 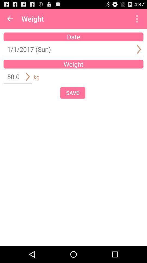 What do you see at coordinates (137, 19) in the screenshot?
I see `item next to the weight icon` at bounding box center [137, 19].